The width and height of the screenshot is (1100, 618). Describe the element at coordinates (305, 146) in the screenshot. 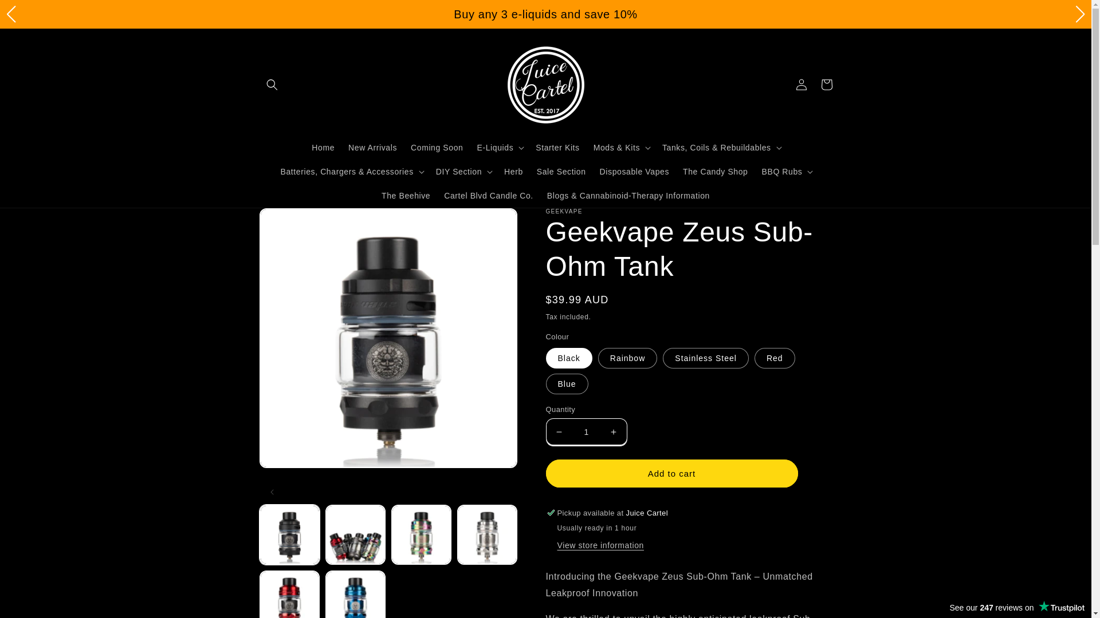

I see `'Home'` at that location.